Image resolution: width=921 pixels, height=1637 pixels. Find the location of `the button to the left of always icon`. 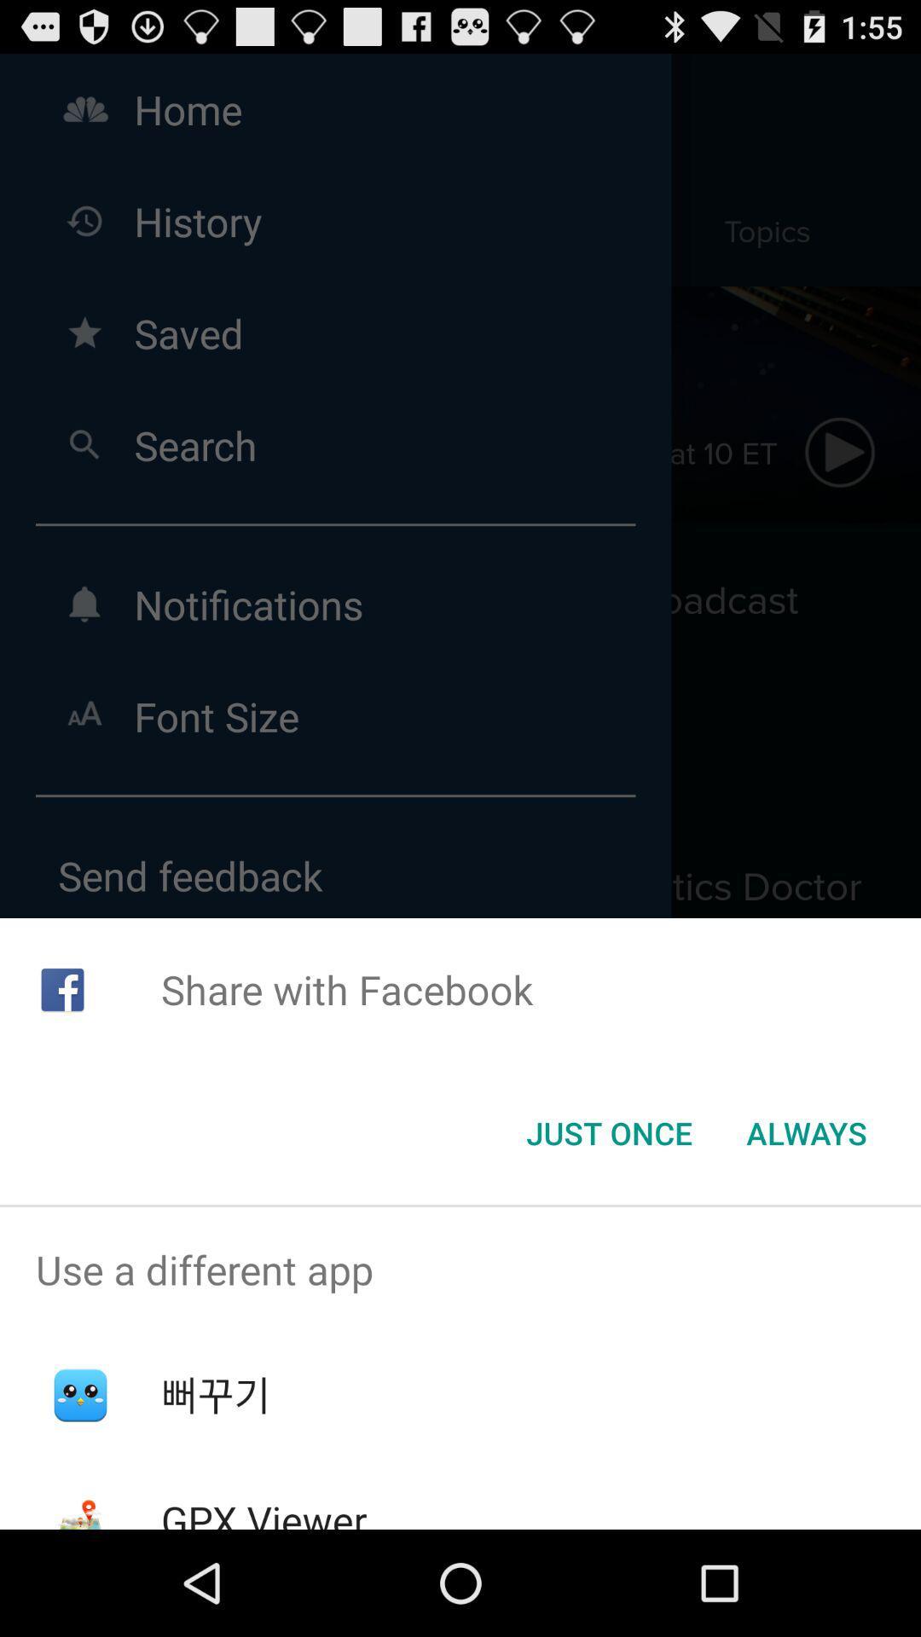

the button to the left of always icon is located at coordinates (608, 1133).